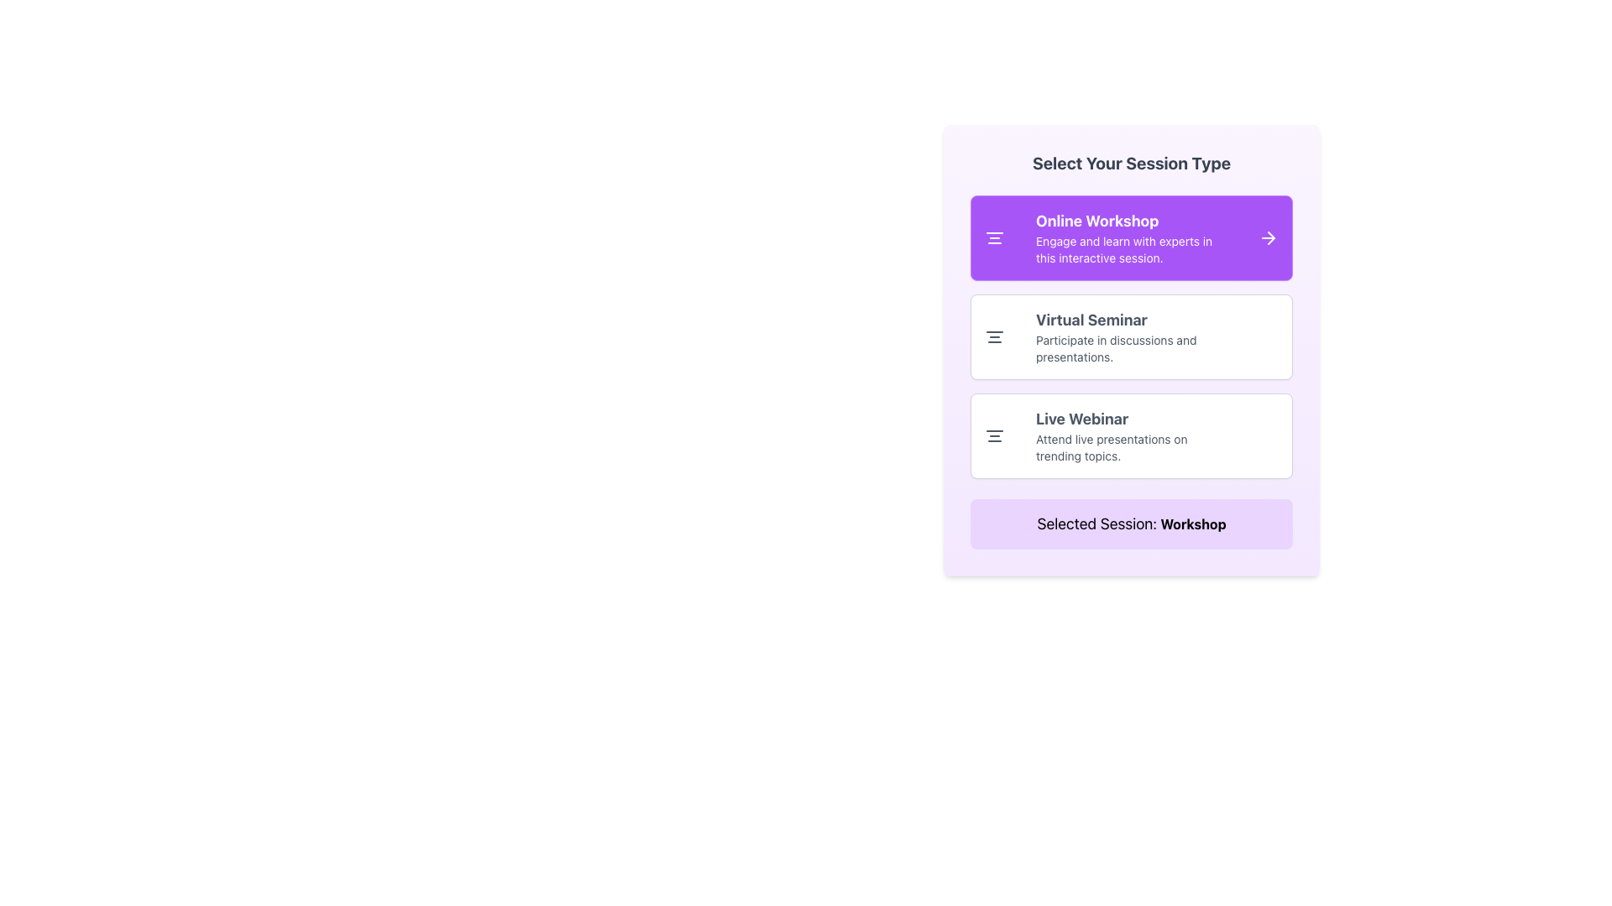 The height and width of the screenshot is (906, 1612). I want to click on the selectable list entry element labeled 'Virtual Seminar' within the modal, so click(1132, 349).